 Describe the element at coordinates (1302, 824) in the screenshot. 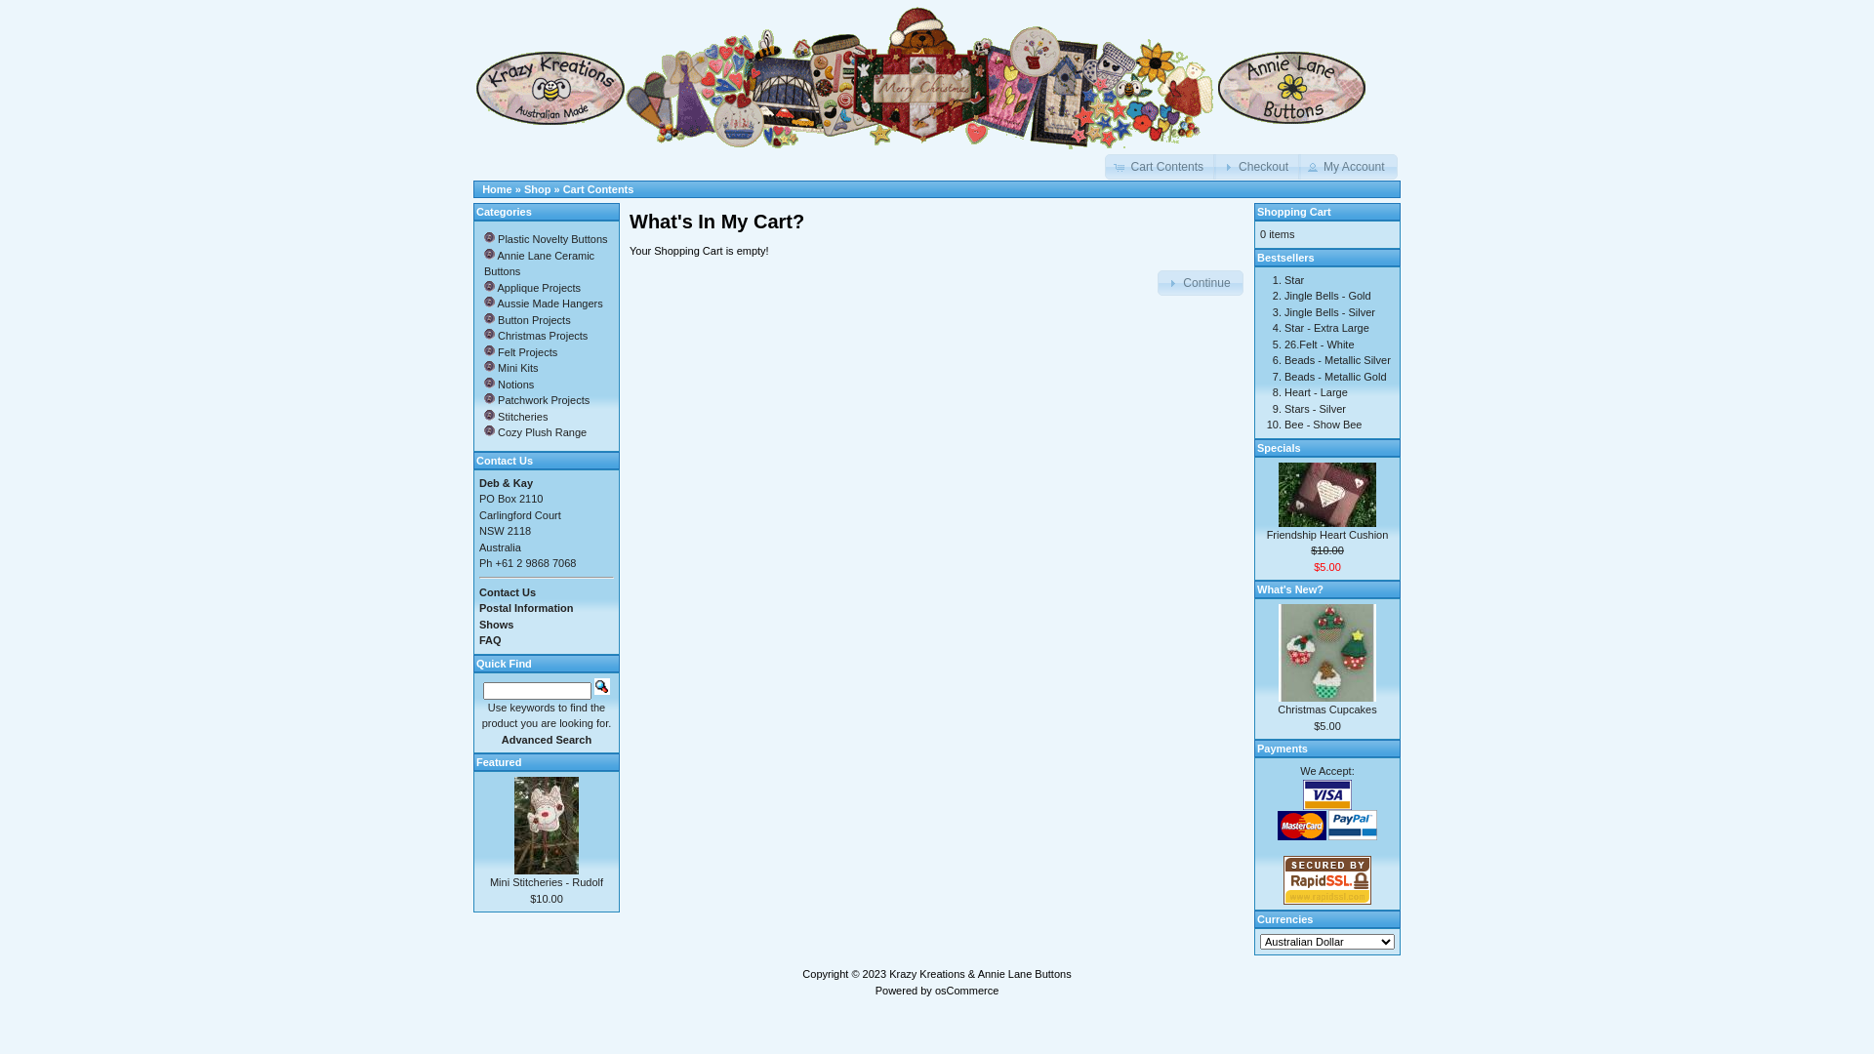

I see `'MasterCard'` at that location.